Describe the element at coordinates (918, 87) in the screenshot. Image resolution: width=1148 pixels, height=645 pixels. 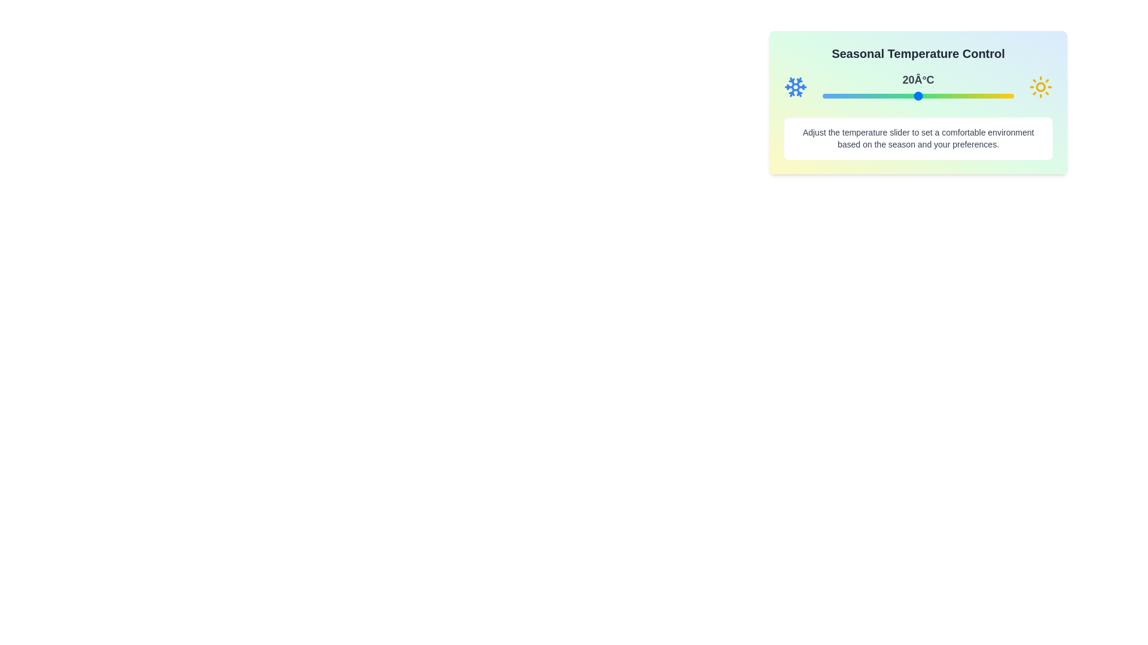
I see `the temperature display for inspection` at that location.